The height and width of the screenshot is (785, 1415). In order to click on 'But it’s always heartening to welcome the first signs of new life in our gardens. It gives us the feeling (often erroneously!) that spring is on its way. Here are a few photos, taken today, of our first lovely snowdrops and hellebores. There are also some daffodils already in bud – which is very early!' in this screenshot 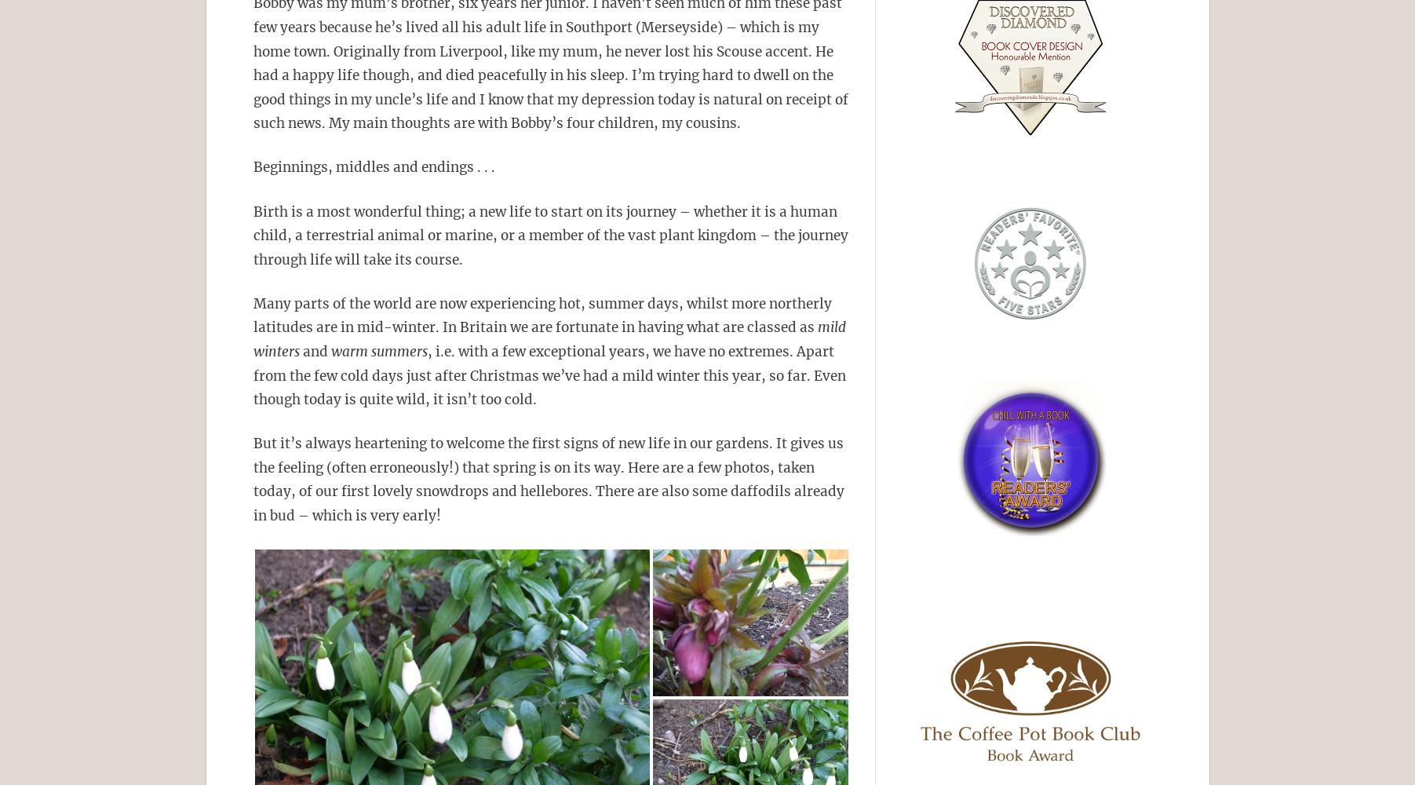, I will do `click(253, 479)`.